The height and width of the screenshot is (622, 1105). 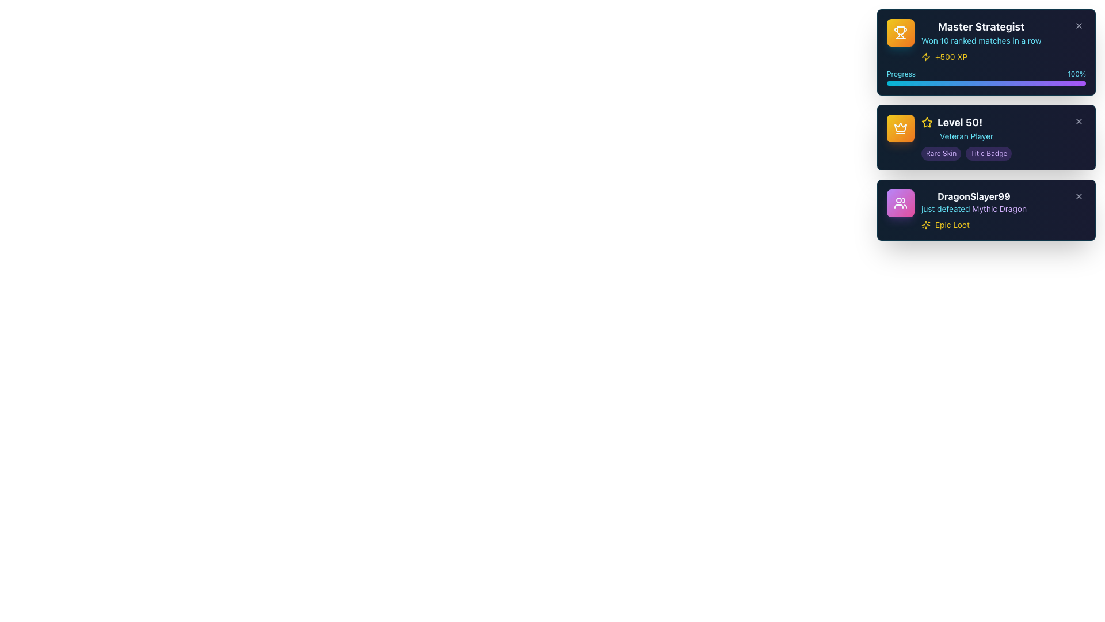 I want to click on the text highlighting the defeated entity 'Mythic Dragon' within the notification card under 'DragonSlayer99 just defeated', so click(x=999, y=208).